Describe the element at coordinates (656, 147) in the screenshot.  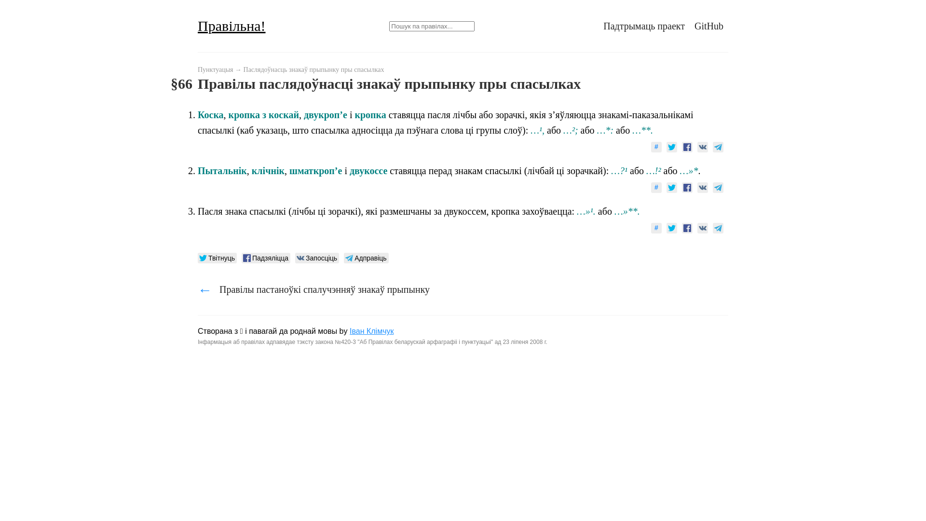
I see `'#'` at that location.